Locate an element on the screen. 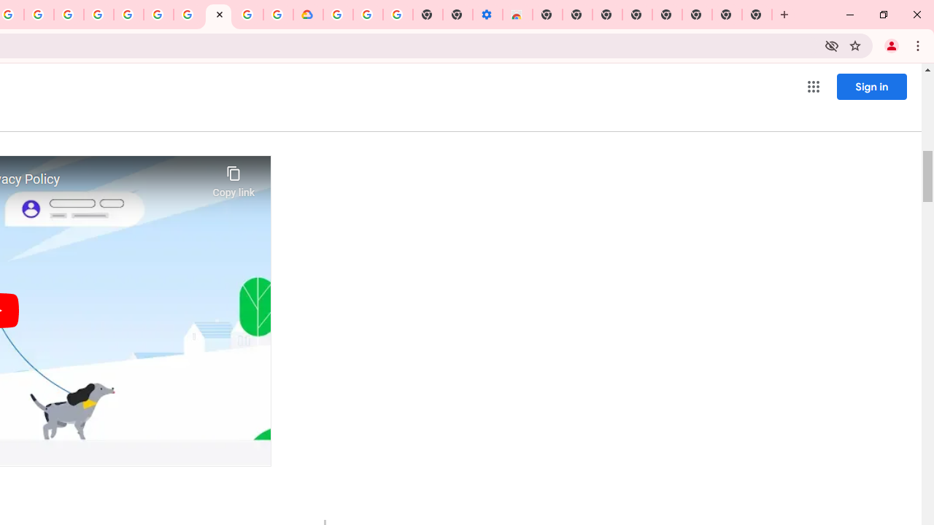 The width and height of the screenshot is (934, 525). 'New Tab' is located at coordinates (757, 15).